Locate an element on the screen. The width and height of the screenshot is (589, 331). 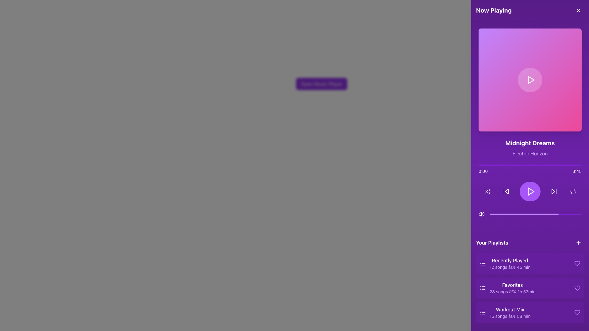
the static textual indicator that shows the timeline of the song, located in the 'Now Playing' section of the player interface is located at coordinates (530, 171).